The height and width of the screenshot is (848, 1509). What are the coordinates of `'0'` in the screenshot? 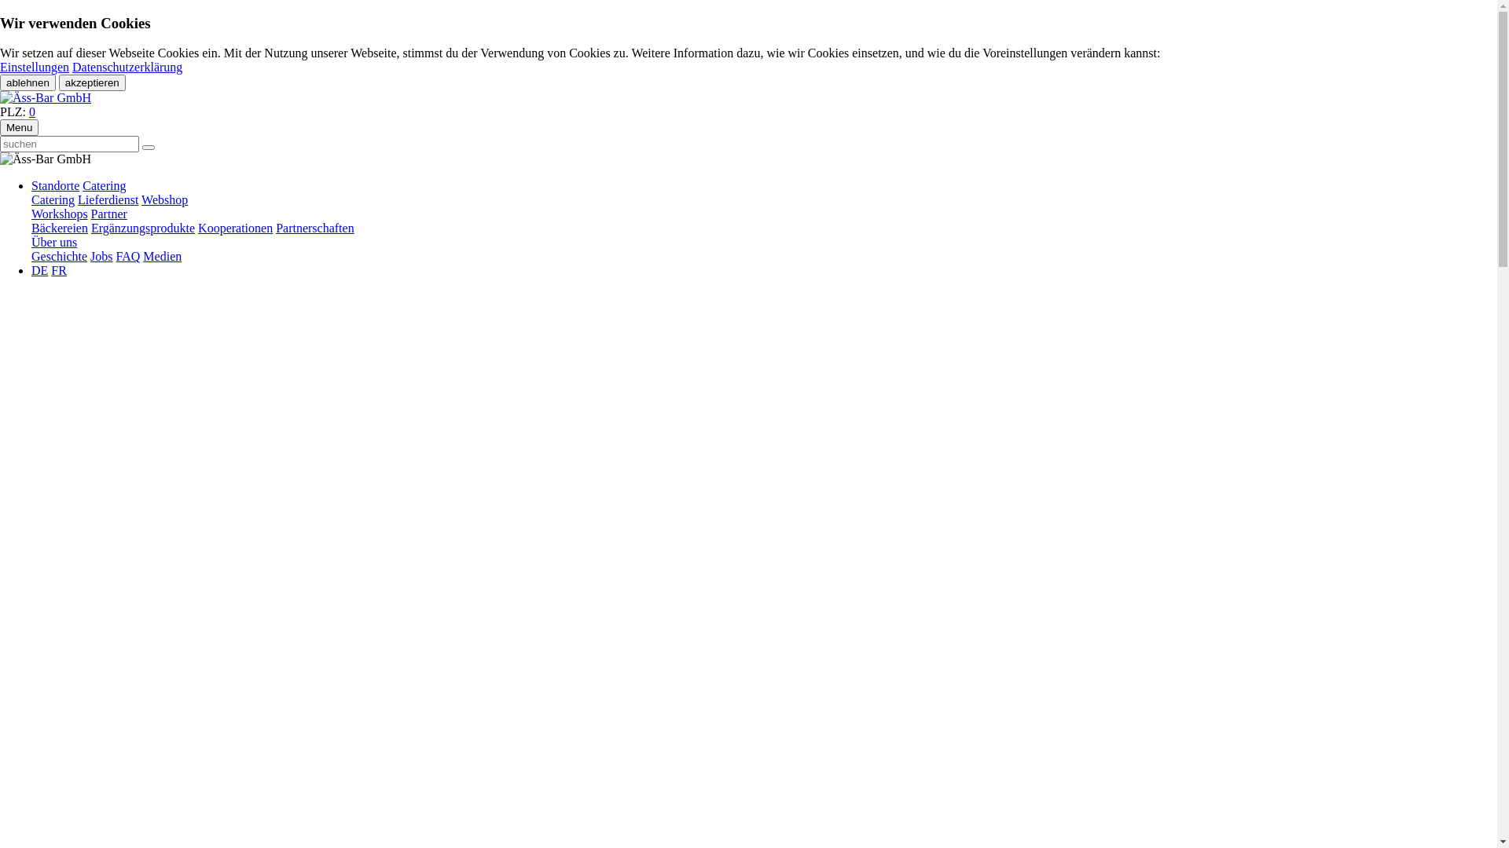 It's located at (32, 111).